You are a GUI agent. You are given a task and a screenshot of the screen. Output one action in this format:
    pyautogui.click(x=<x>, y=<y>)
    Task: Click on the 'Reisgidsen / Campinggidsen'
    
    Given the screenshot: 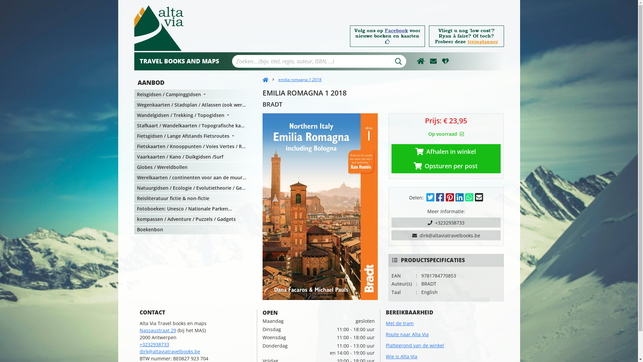 What is the action you would take?
    pyautogui.click(x=193, y=94)
    